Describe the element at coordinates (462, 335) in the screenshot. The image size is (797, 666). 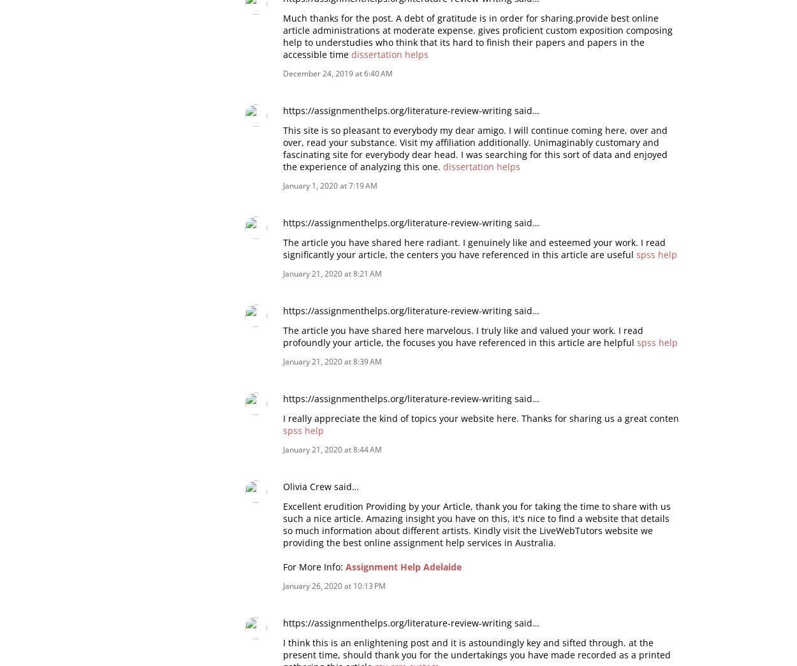
I see `'The article you have shared here marvelous. I truly like and valued your work. I read profoundly your article, the focuses you have referenced in this article are helpful'` at that location.